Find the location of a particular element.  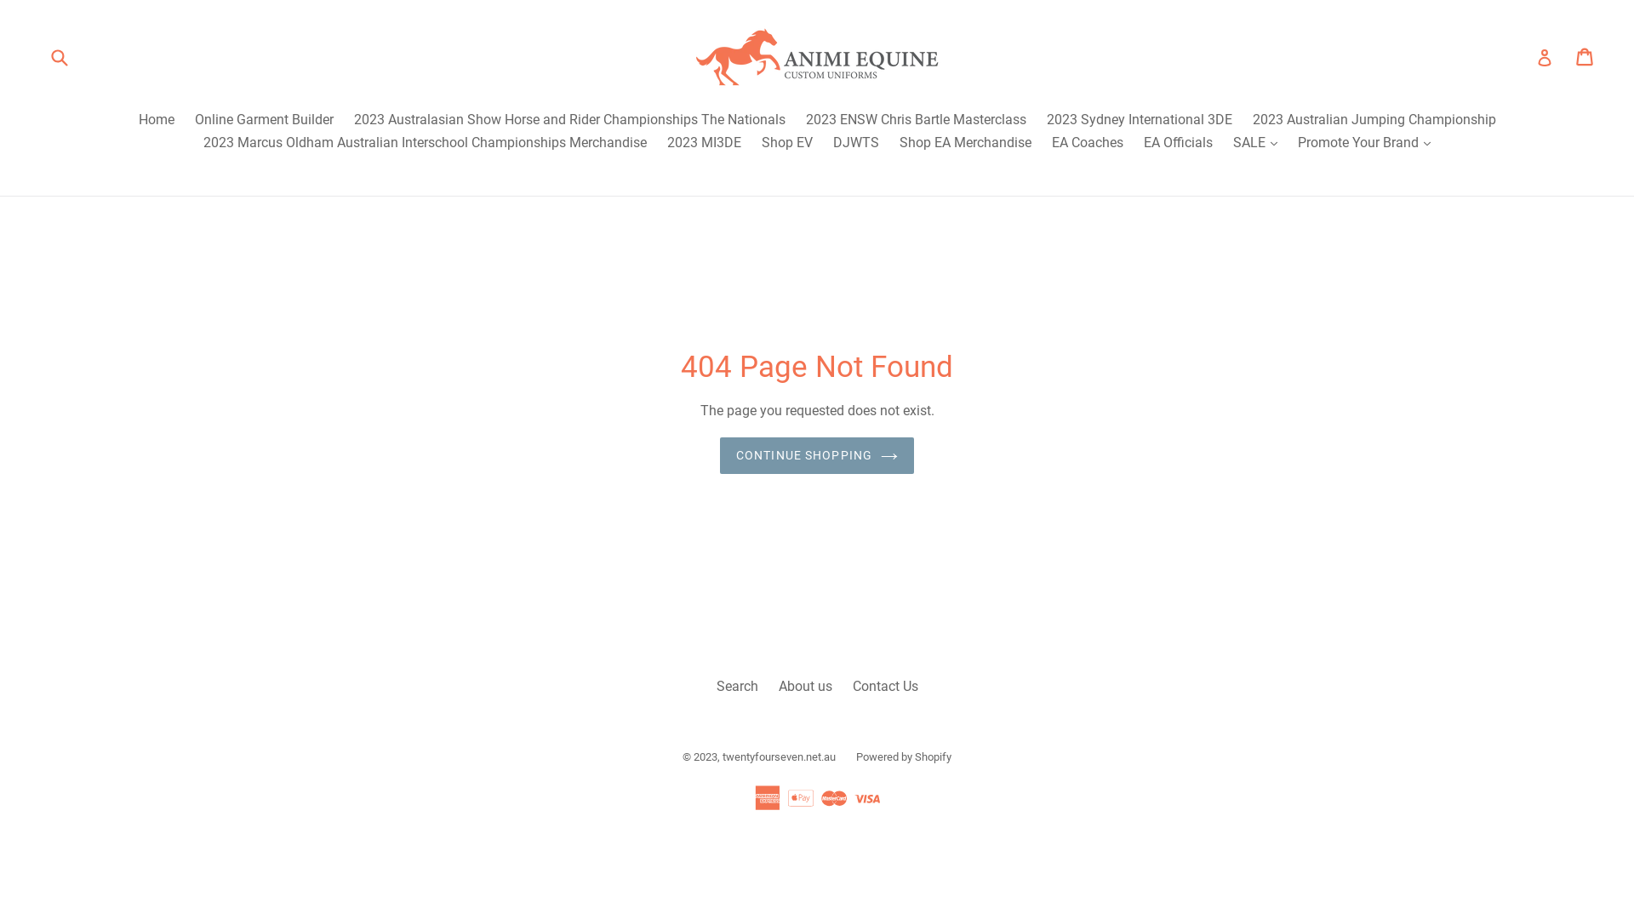

'DJWTS' is located at coordinates (856, 143).